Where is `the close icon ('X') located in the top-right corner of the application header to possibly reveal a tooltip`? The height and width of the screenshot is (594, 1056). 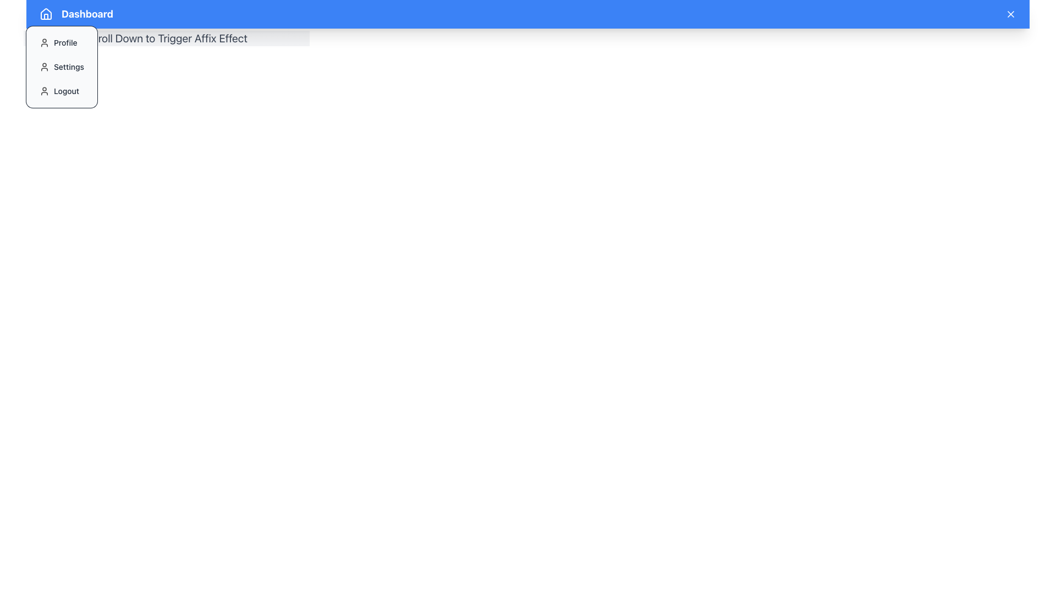 the close icon ('X') located in the top-right corner of the application header to possibly reveal a tooltip is located at coordinates (1011, 14).